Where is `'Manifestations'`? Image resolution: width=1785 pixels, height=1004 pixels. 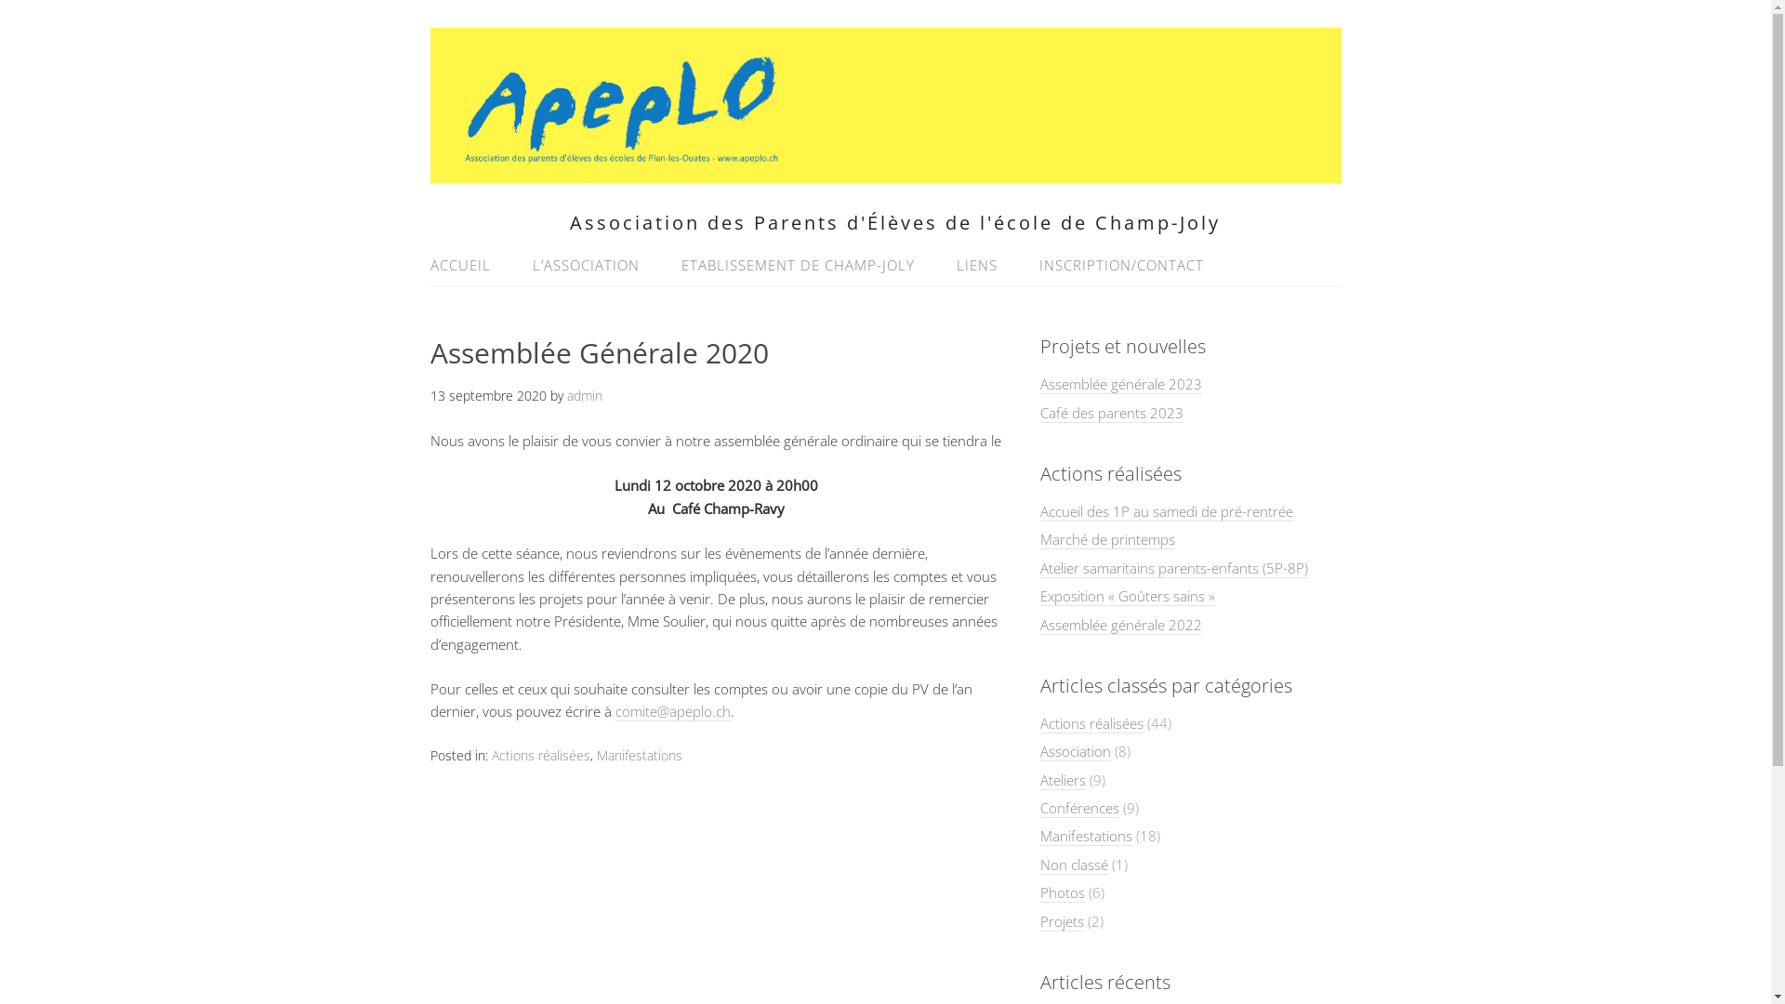
'Manifestations' is located at coordinates (639, 755).